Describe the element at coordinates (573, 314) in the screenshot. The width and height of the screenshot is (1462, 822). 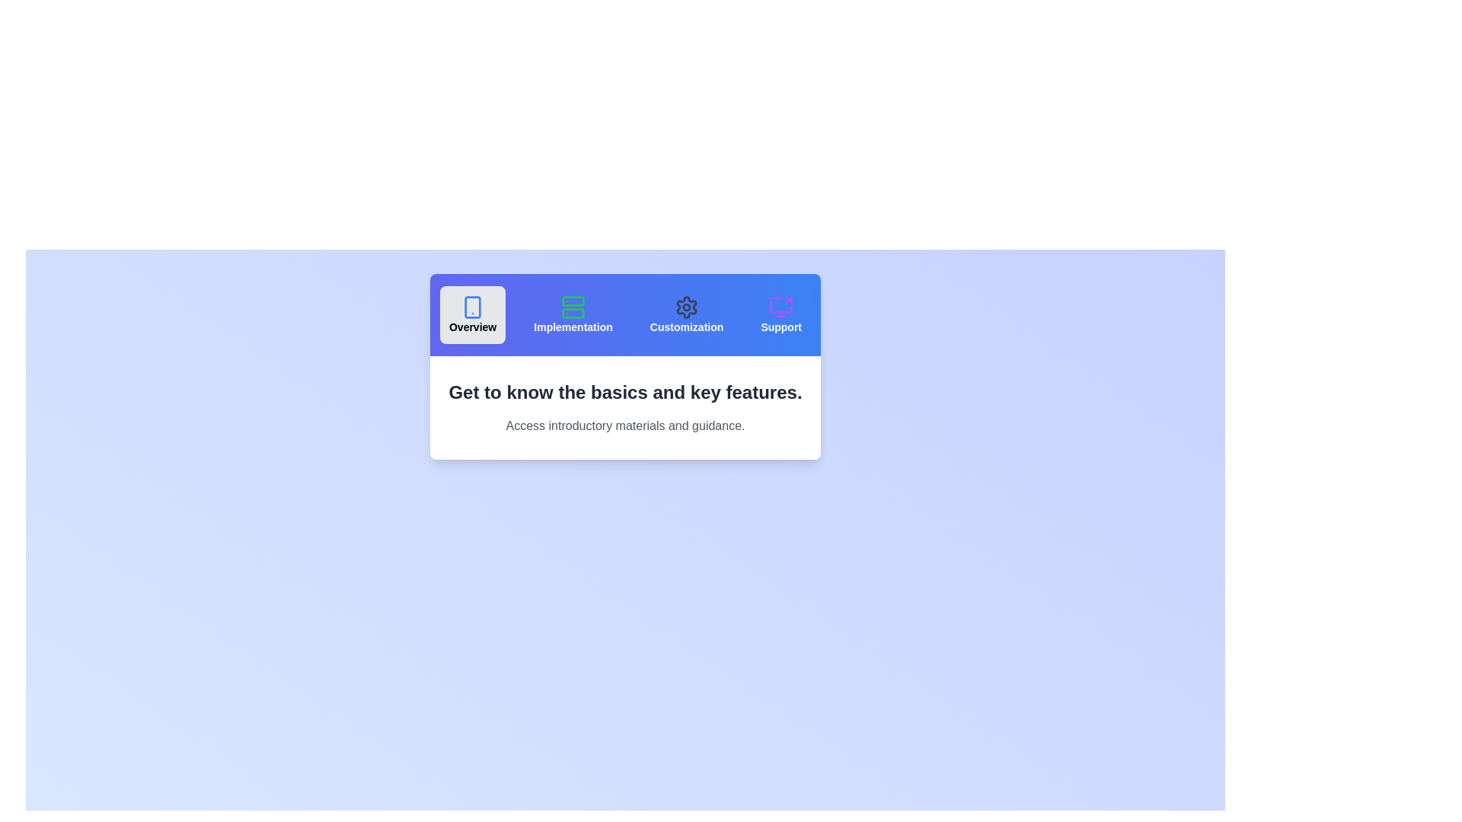
I see `the tab labeled Implementation` at that location.